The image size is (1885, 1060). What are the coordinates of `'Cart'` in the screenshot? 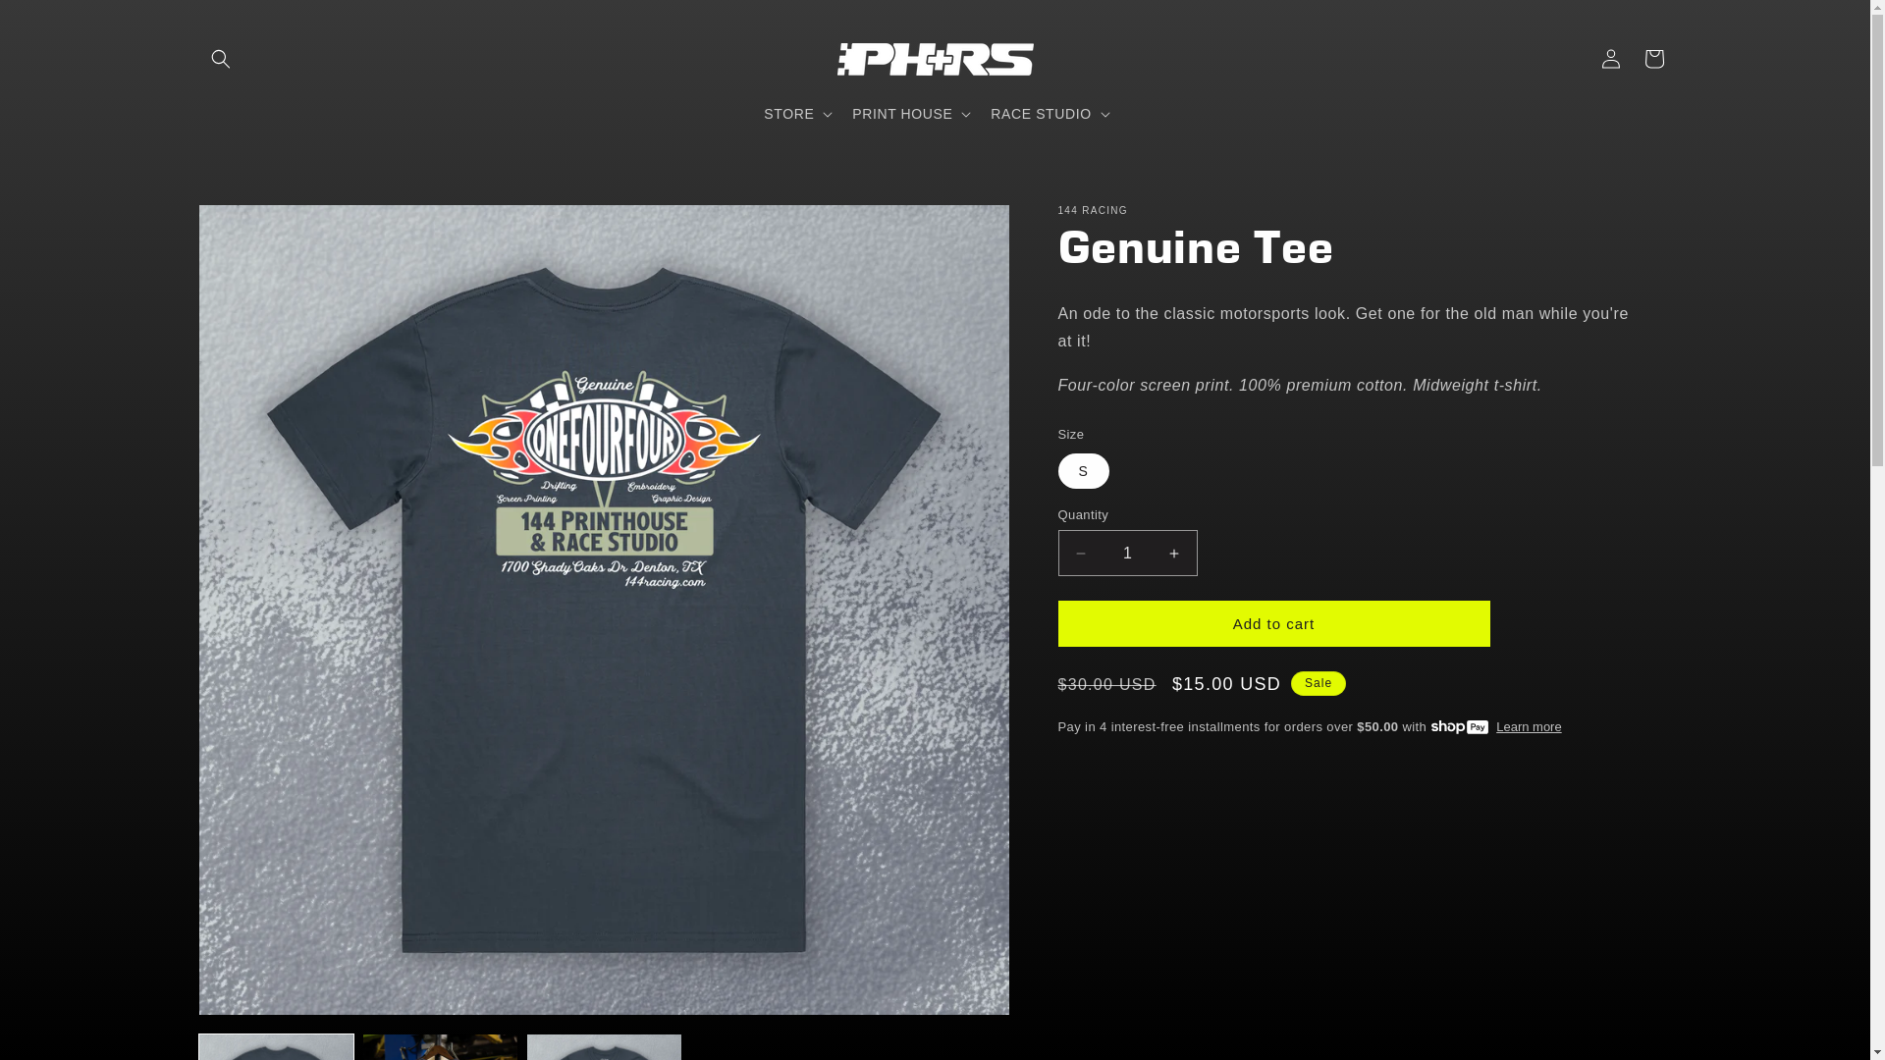 It's located at (1652, 58).